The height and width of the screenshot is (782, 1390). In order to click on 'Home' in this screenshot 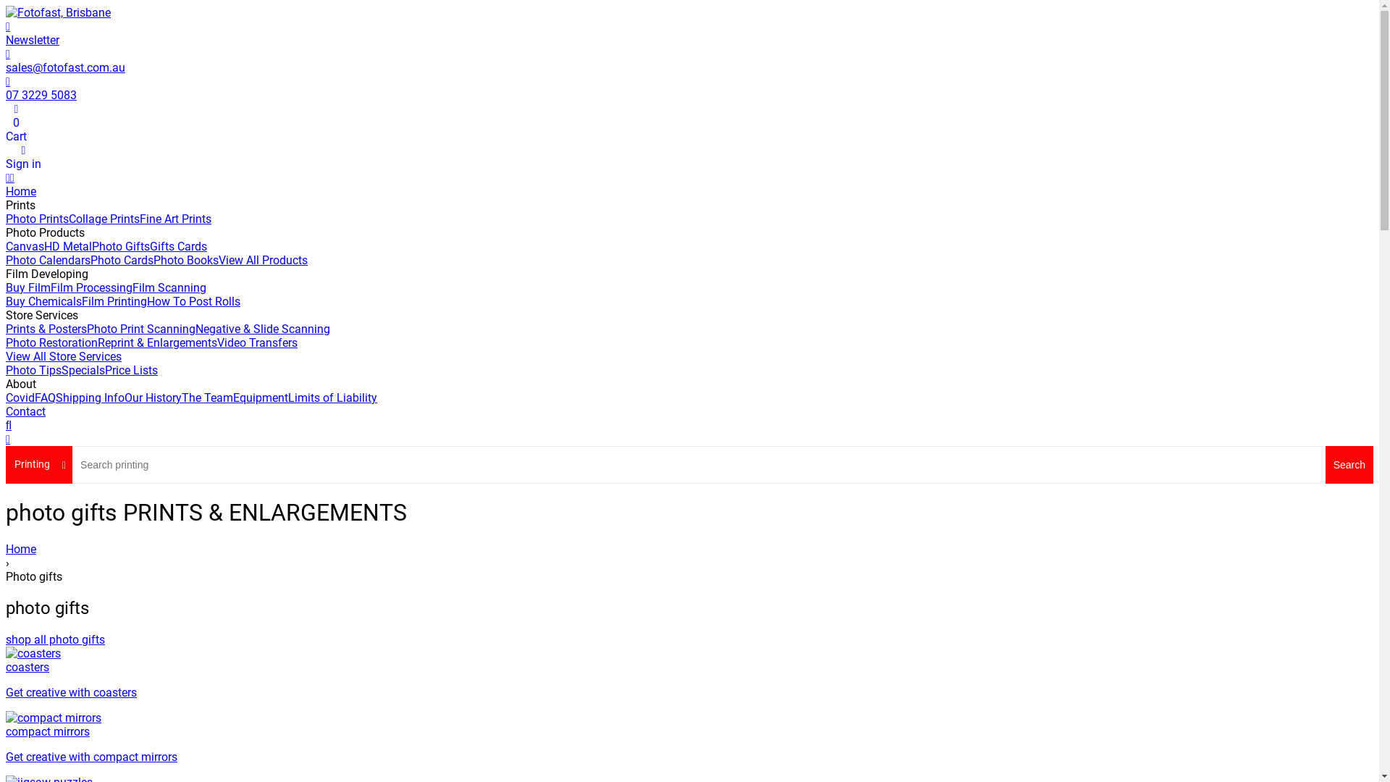, I will do `click(688, 549)`.